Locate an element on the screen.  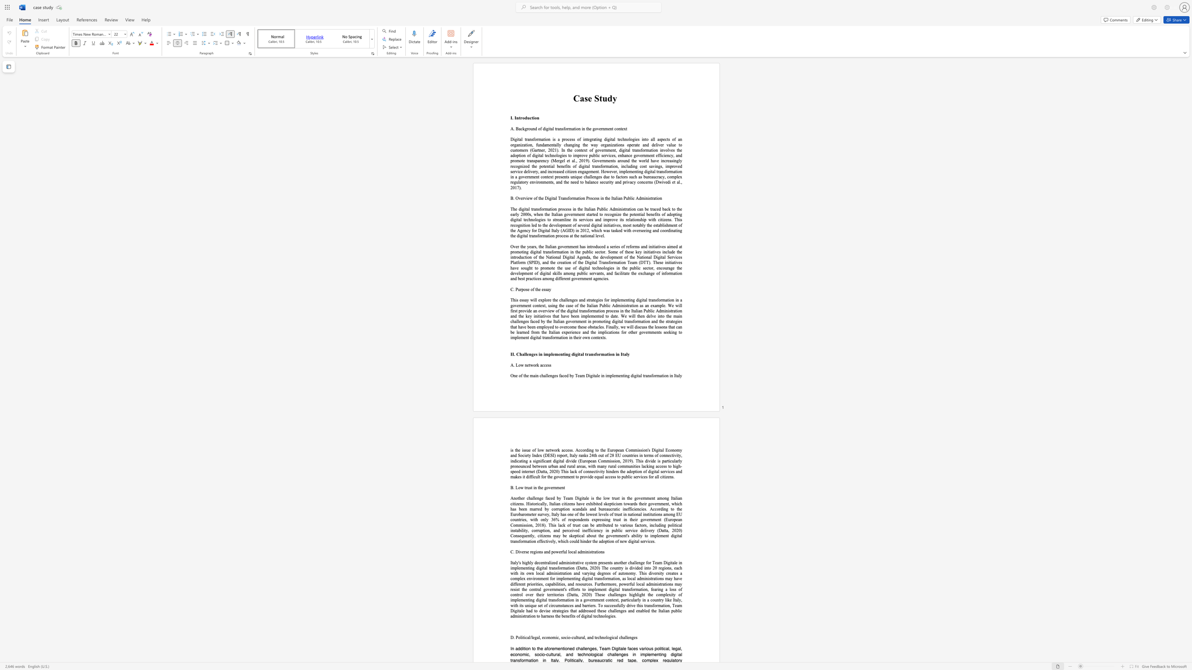
the subset text "rpose of t" within the text "C. Purpose of the essay" is located at coordinates (520, 289).